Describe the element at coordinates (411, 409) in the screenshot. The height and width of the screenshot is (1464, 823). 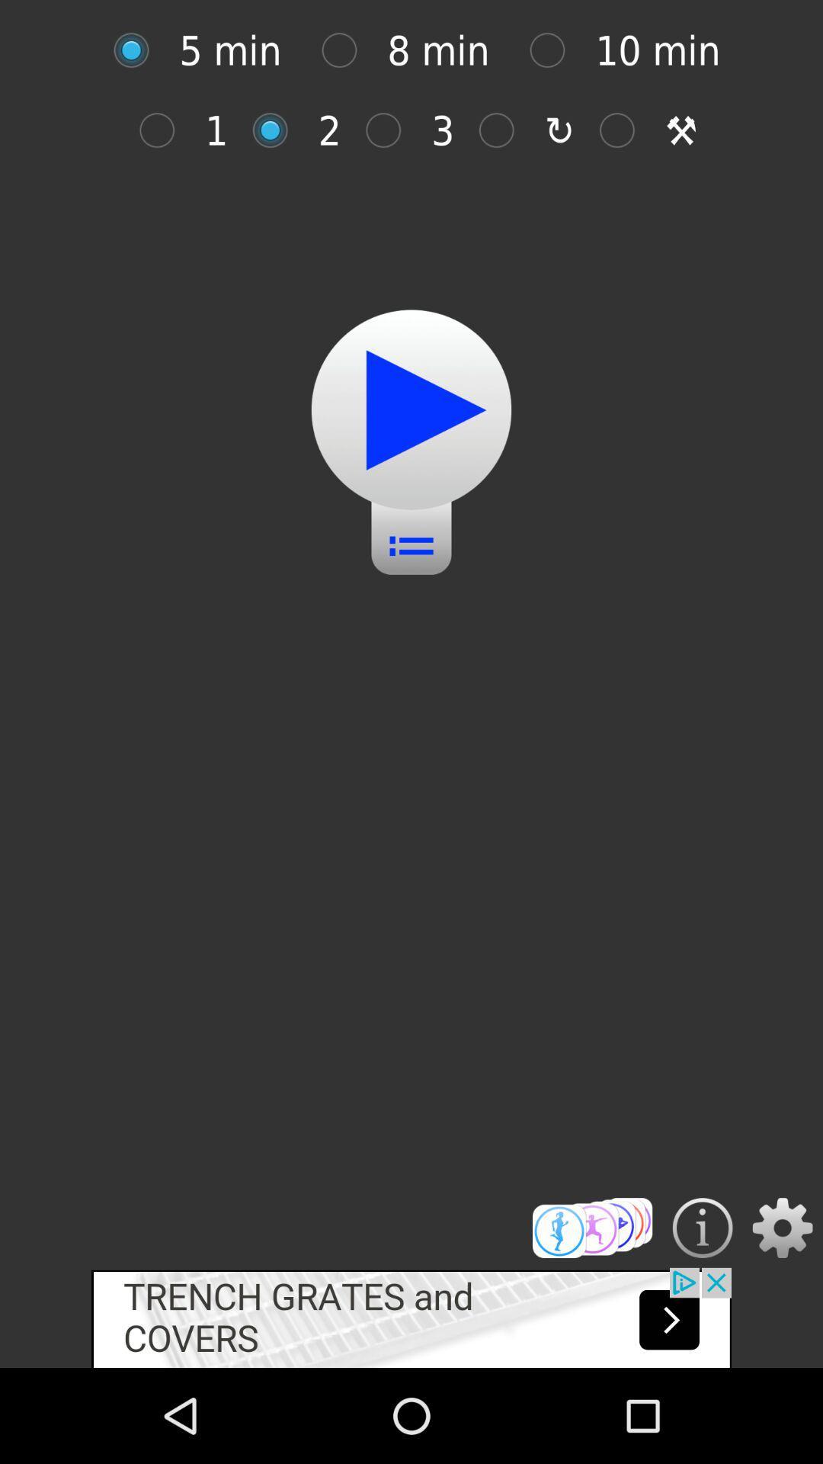
I see `pale` at that location.